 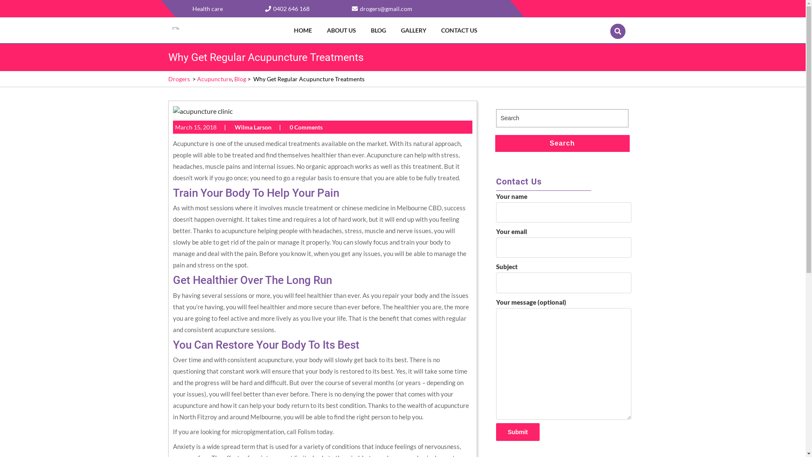 What do you see at coordinates (287, 8) in the screenshot?
I see `'0402 646 168'` at bounding box center [287, 8].